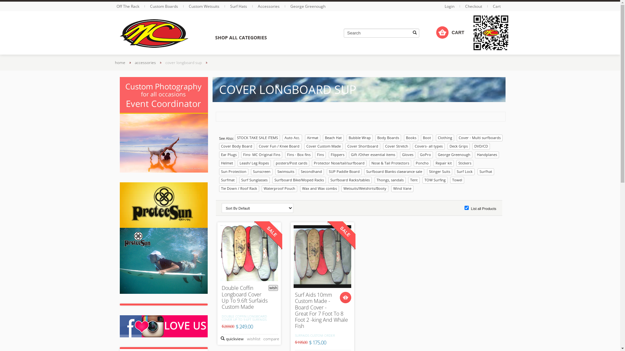 This screenshot has width=625, height=351. What do you see at coordinates (427, 137) in the screenshot?
I see `'Boot'` at bounding box center [427, 137].